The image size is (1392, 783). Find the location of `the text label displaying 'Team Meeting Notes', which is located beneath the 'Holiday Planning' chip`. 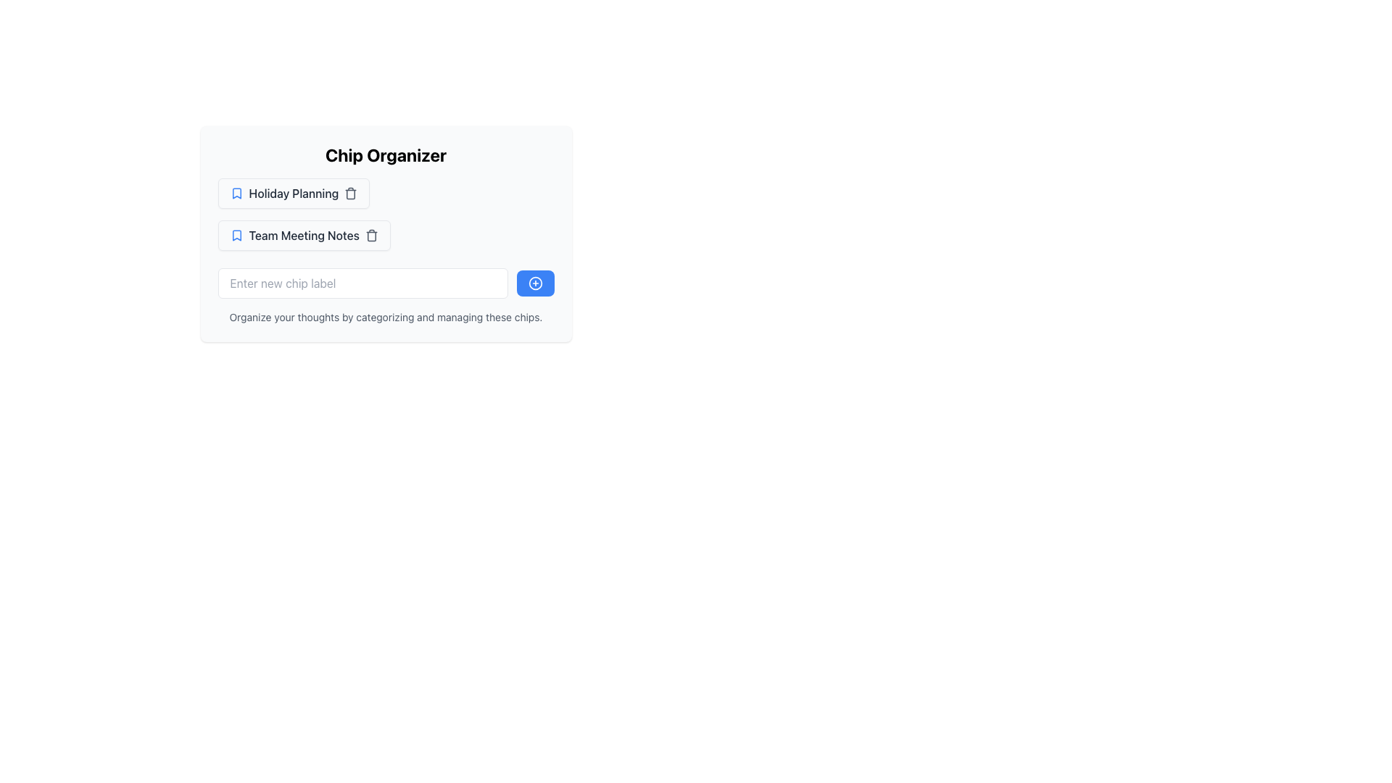

the text label displaying 'Team Meeting Notes', which is located beneath the 'Holiday Planning' chip is located at coordinates (303, 234).